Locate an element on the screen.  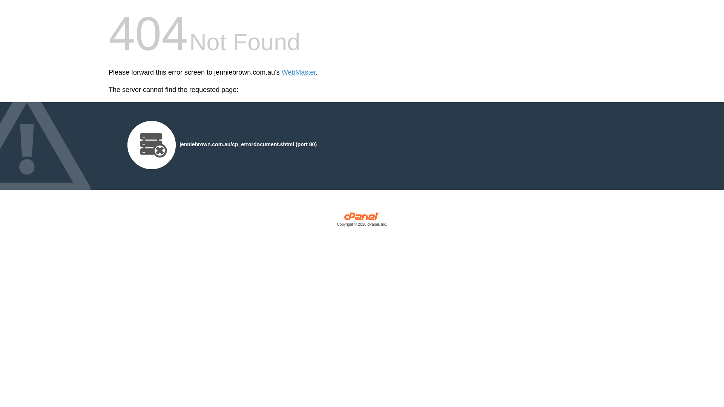
'WebMaster' is located at coordinates (298, 72).